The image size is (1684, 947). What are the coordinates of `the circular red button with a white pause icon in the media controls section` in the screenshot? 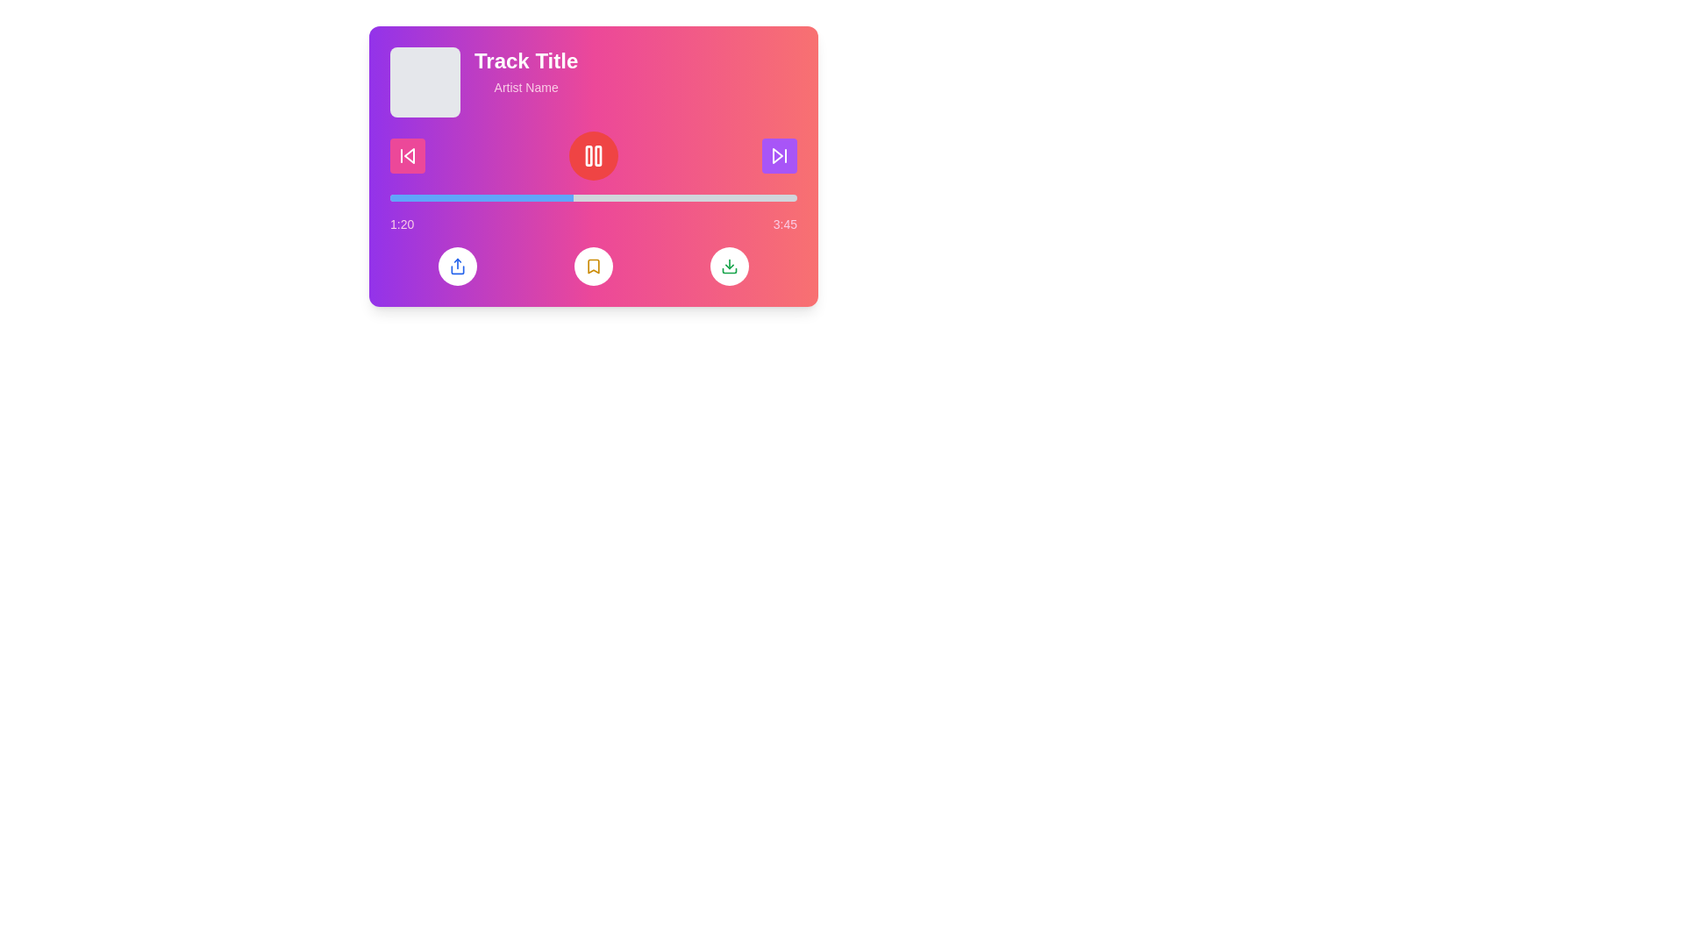 It's located at (593, 154).